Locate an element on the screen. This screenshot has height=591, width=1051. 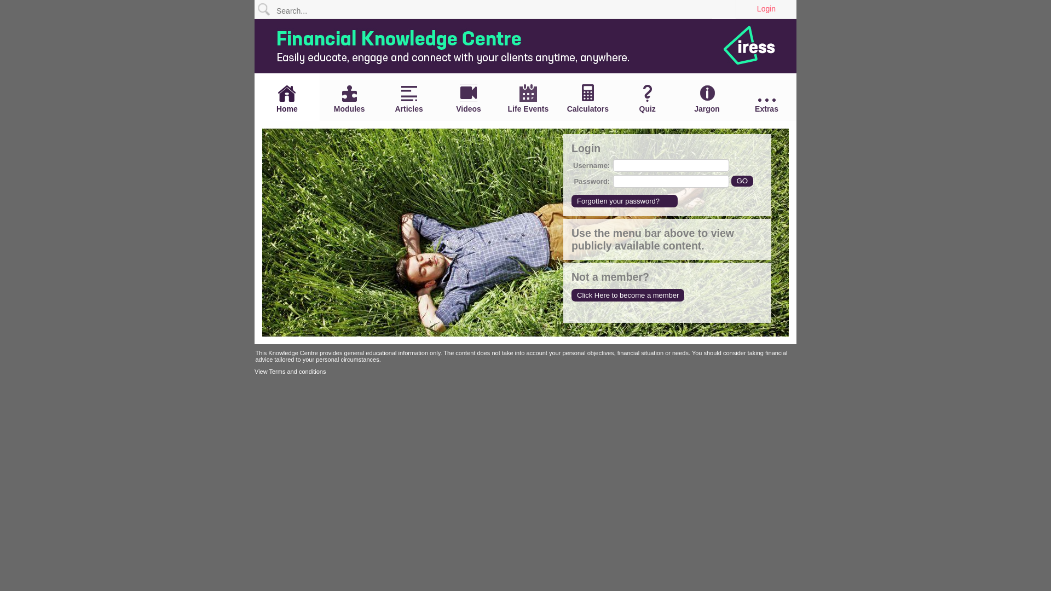
'Click Here to become a member' is located at coordinates (628, 294).